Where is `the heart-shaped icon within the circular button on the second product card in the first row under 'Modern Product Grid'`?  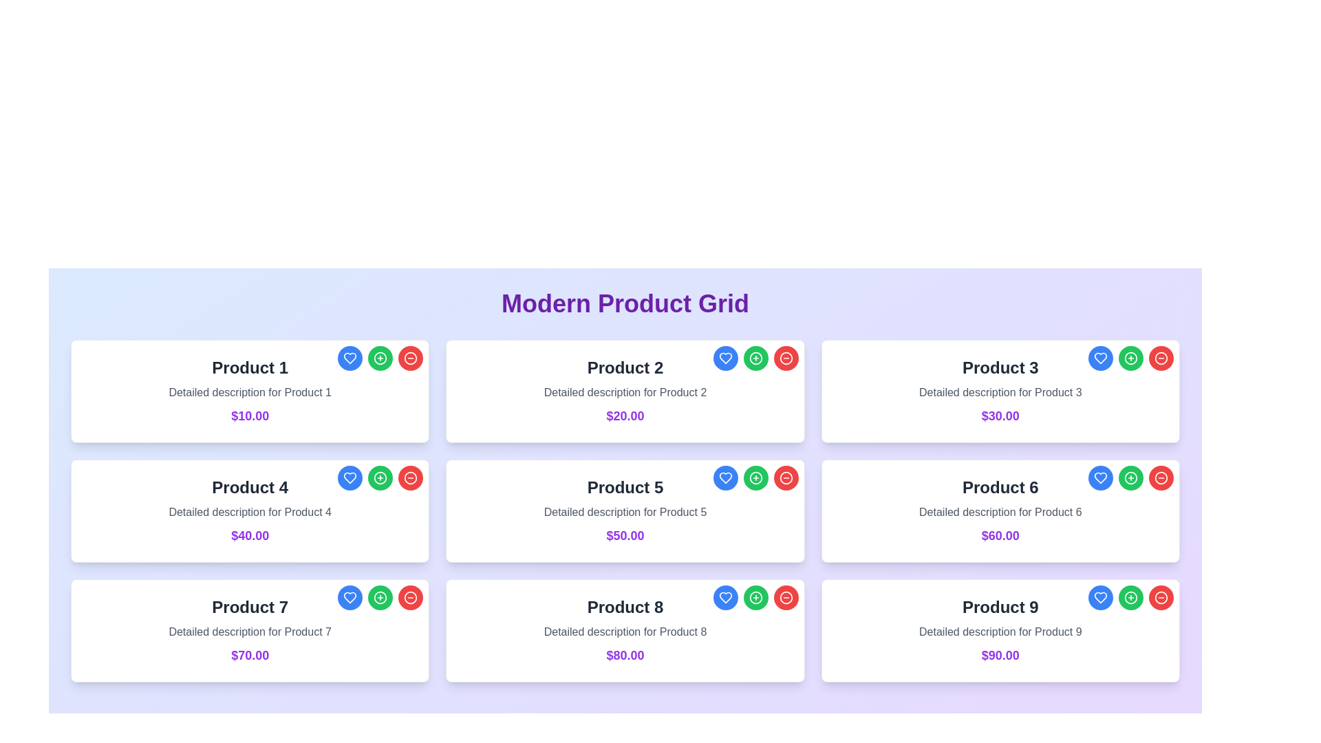 the heart-shaped icon within the circular button on the second product card in the first row under 'Modern Product Grid' is located at coordinates (724, 357).